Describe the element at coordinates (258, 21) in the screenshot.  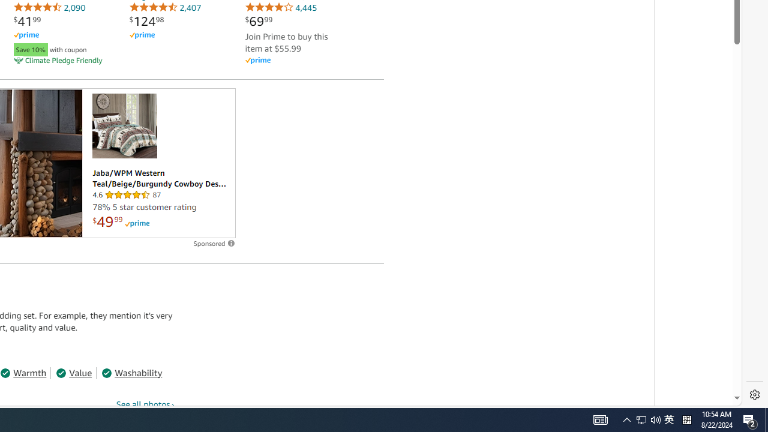
I see `'$69.99'` at that location.